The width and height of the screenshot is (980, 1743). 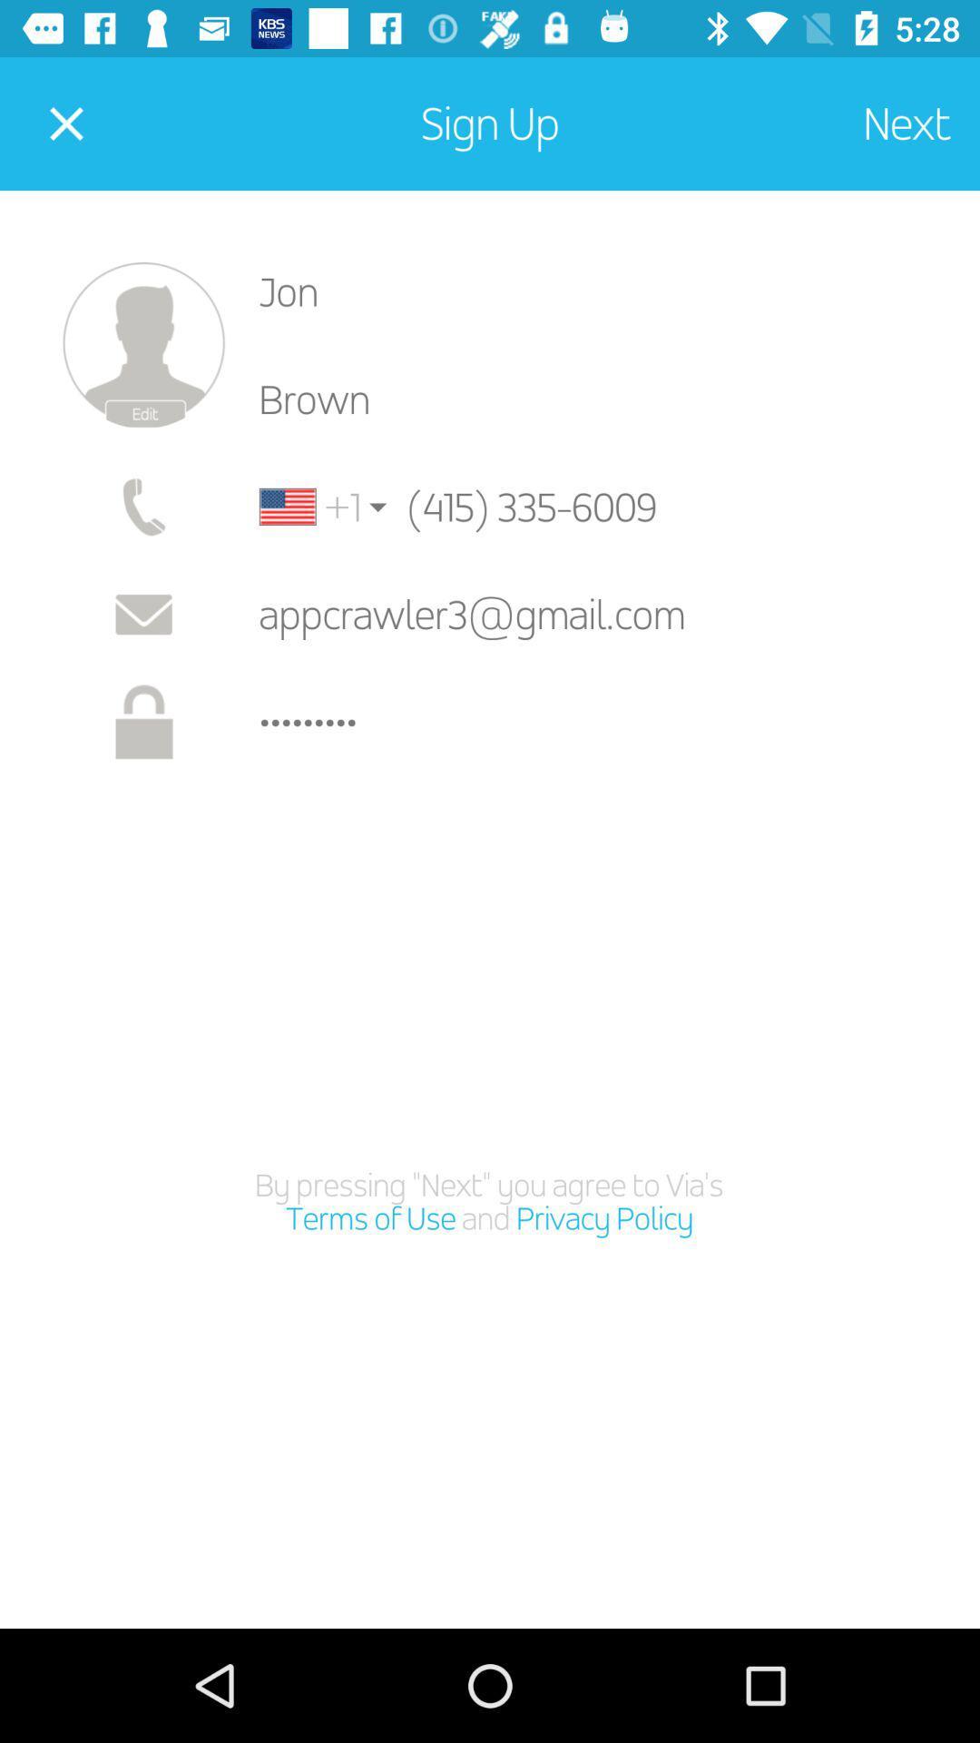 I want to click on the jon icon, so click(x=605, y=291).